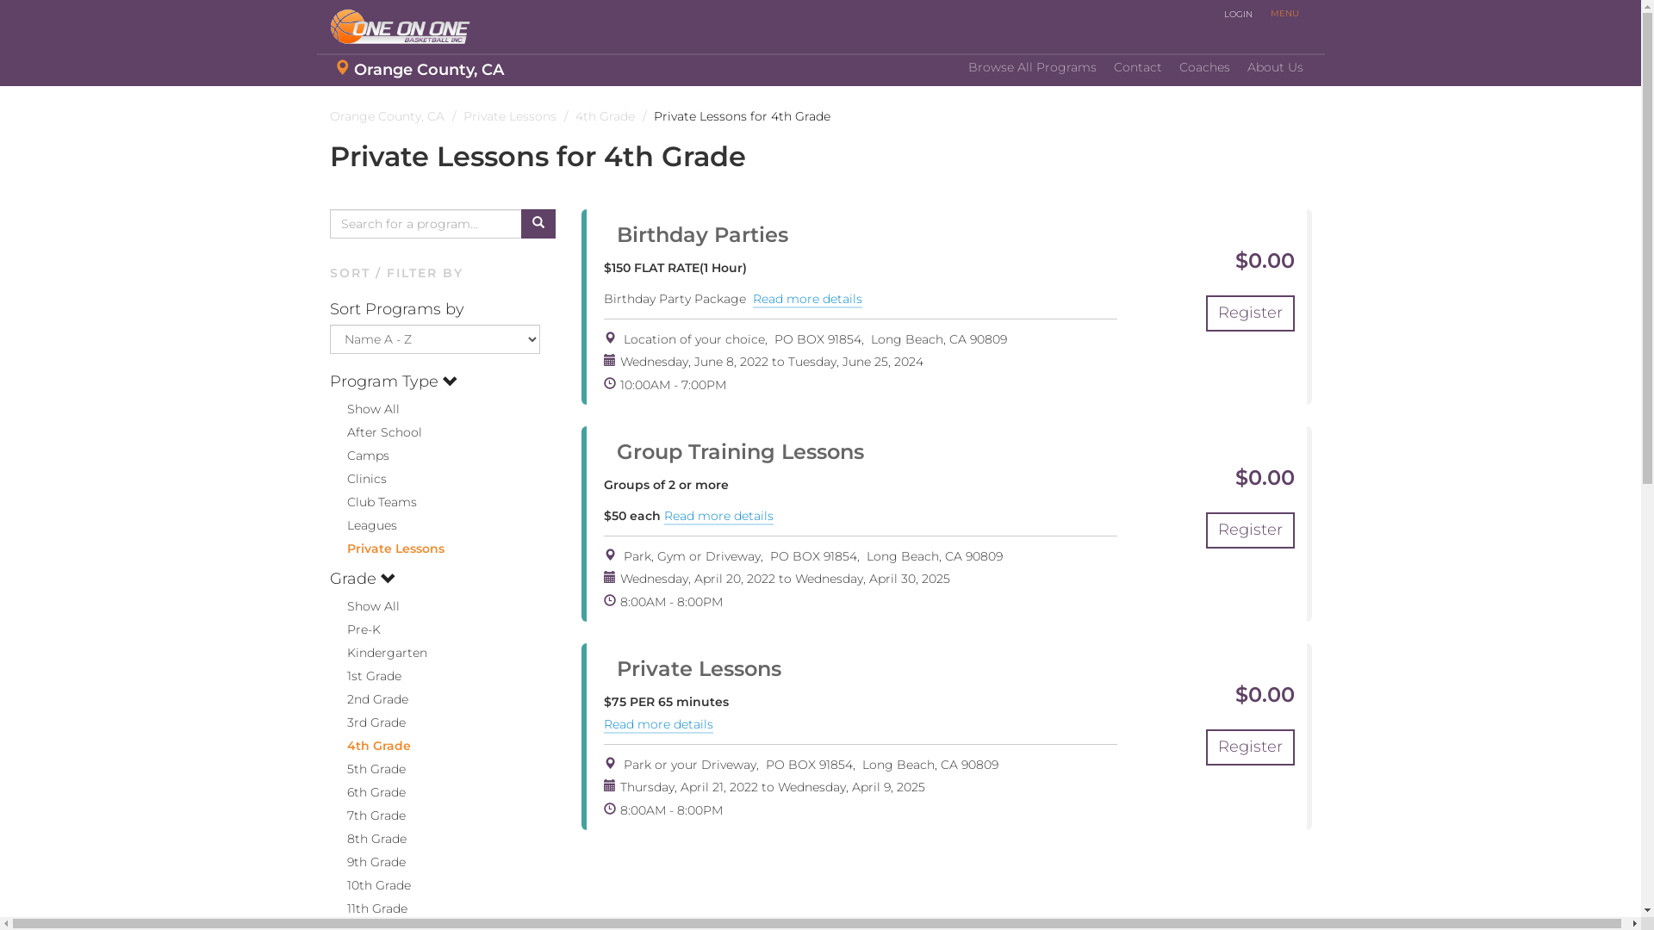 The width and height of the screenshot is (1654, 930). Describe the element at coordinates (1275, 66) in the screenshot. I see `'About Us'` at that location.